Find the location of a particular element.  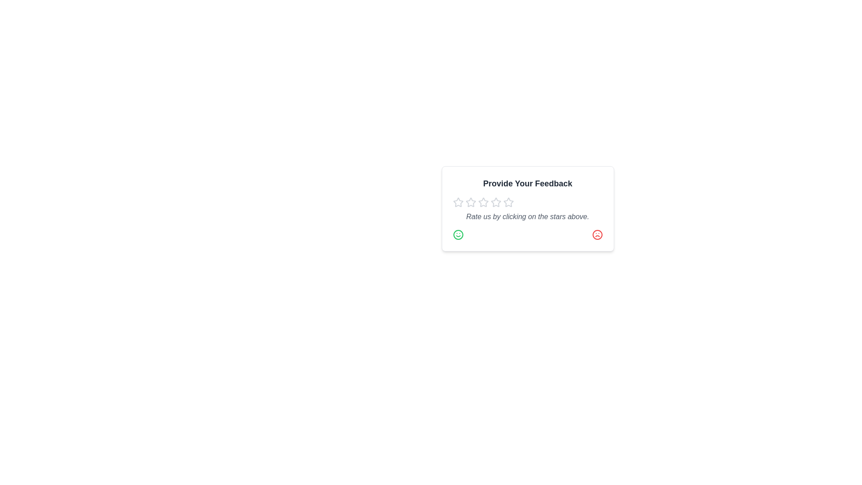

the first star icon in the horizontal group of five rating stars located beneath the 'Provide Your Feedback' heading is located at coordinates (470, 202).